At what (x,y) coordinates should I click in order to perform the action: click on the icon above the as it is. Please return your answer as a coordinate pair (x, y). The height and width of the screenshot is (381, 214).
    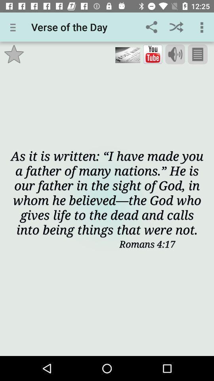
    Looking at the image, I should click on (14, 54).